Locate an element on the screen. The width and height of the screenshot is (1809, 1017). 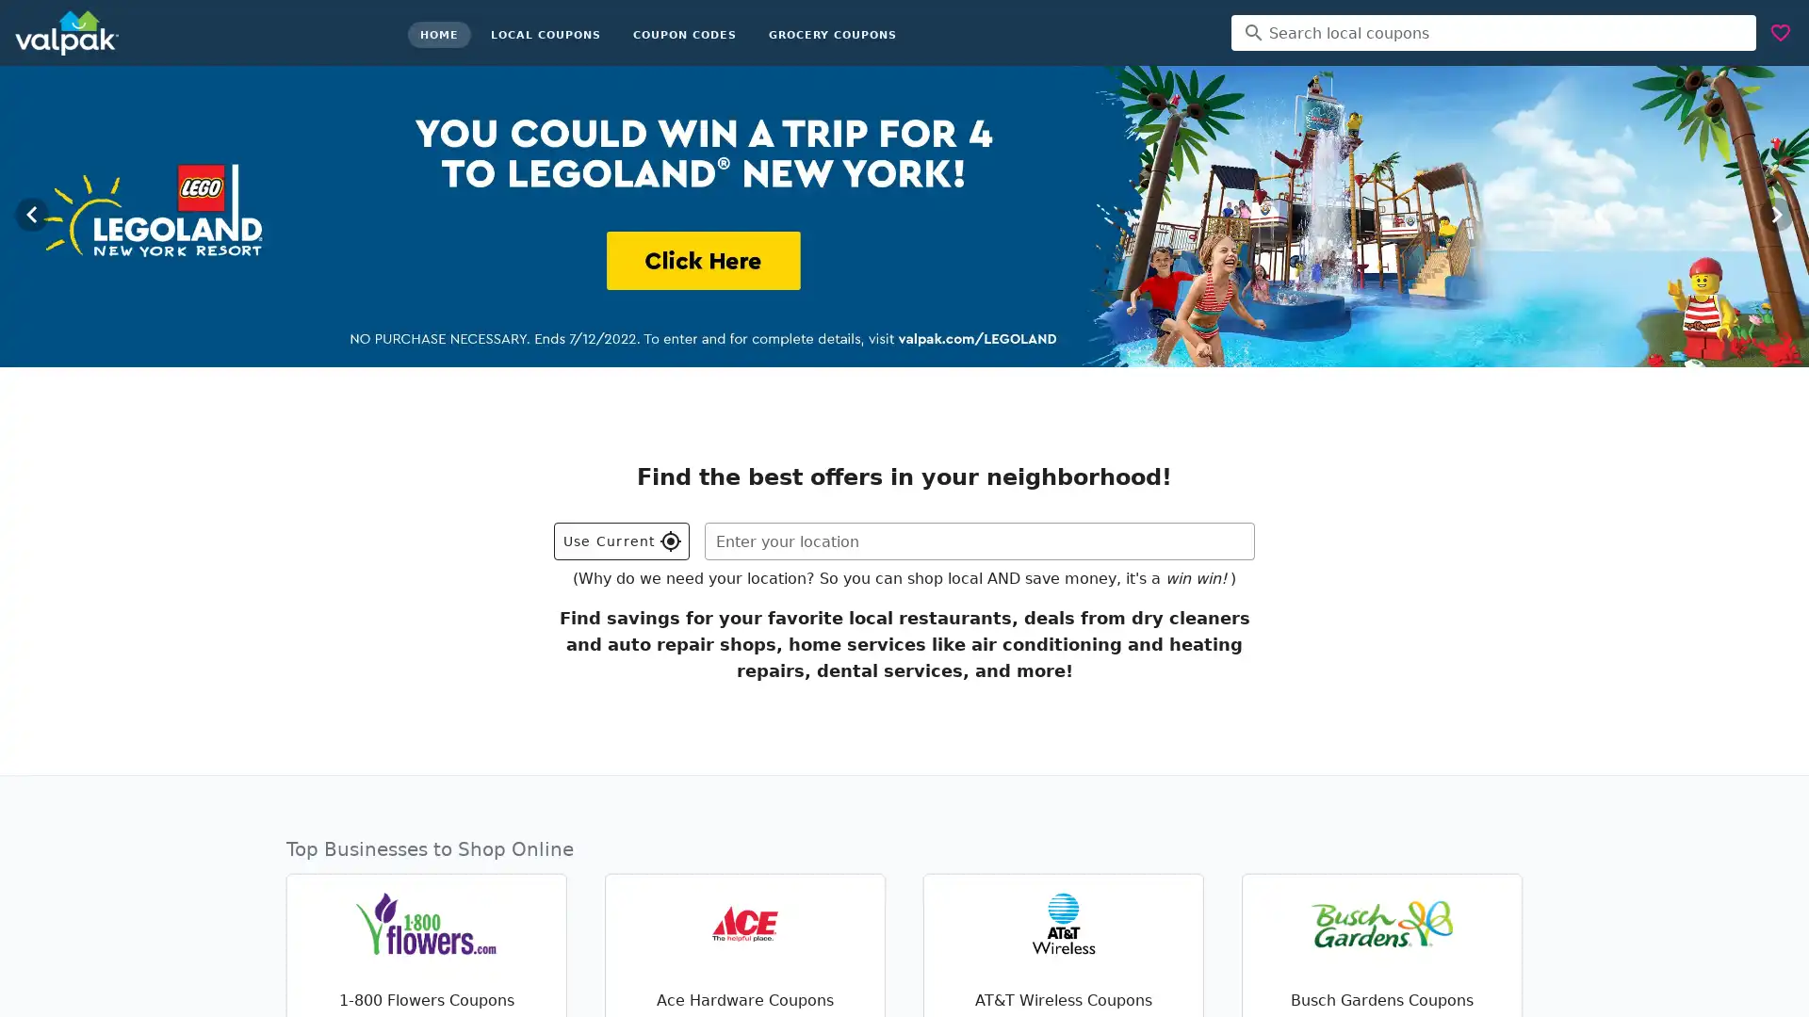
LOCAL COUPONS is located at coordinates (544, 35).